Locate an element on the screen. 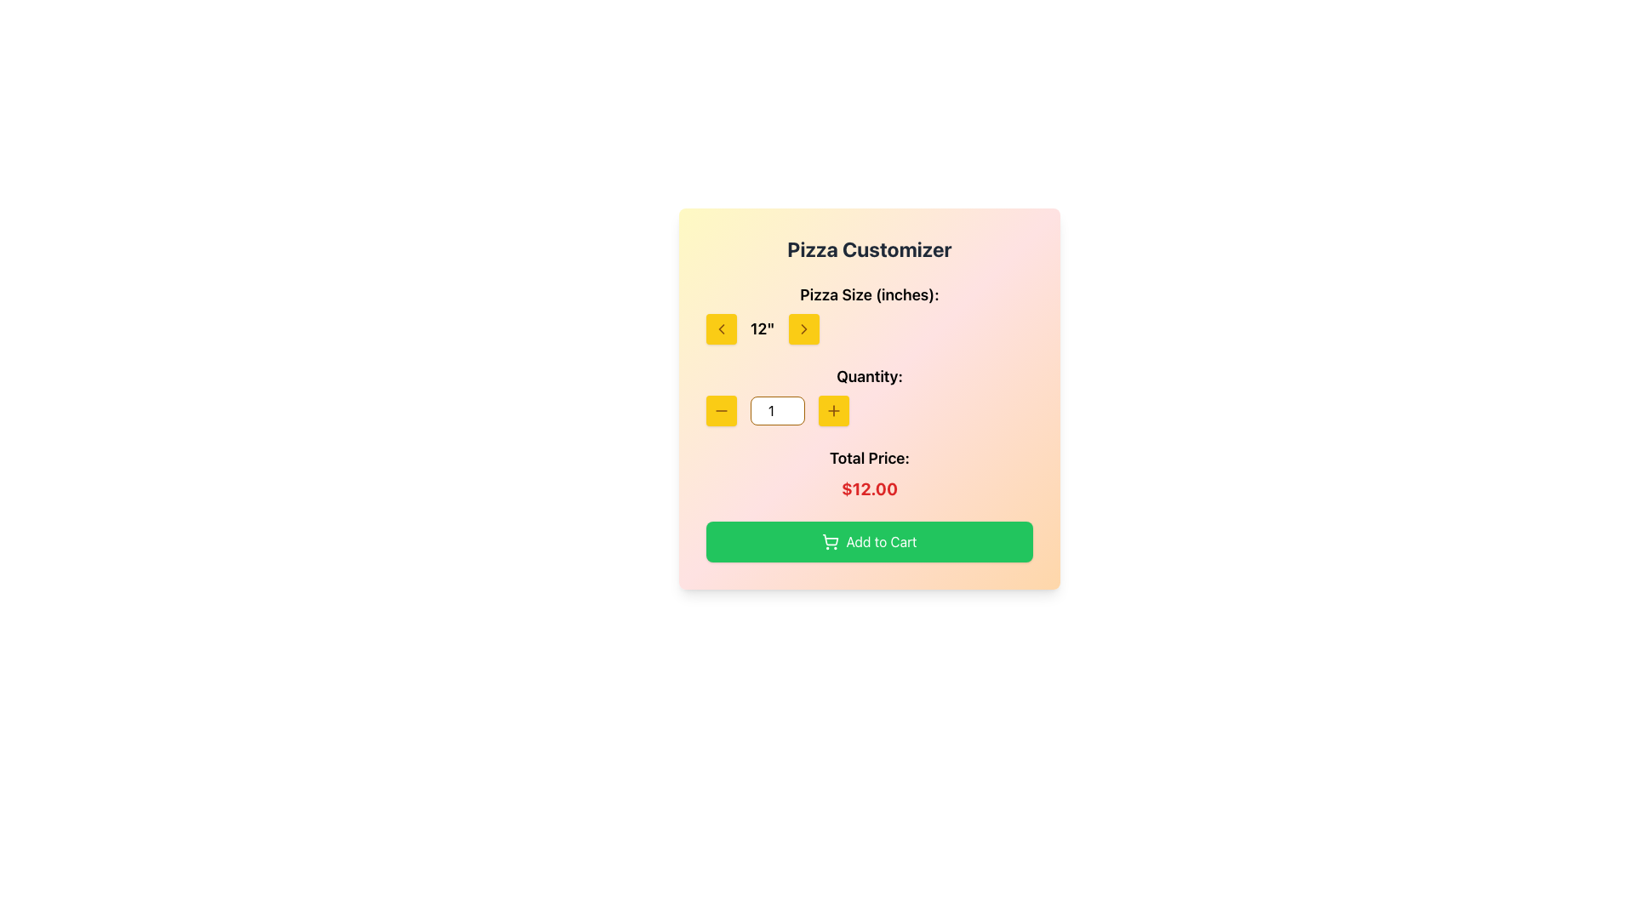 Image resolution: width=1634 pixels, height=919 pixels. the left and right arrow buttons next to the '12"' value in the 'Pizza Size (inches):' selector to change the pizza size is located at coordinates (870, 314).